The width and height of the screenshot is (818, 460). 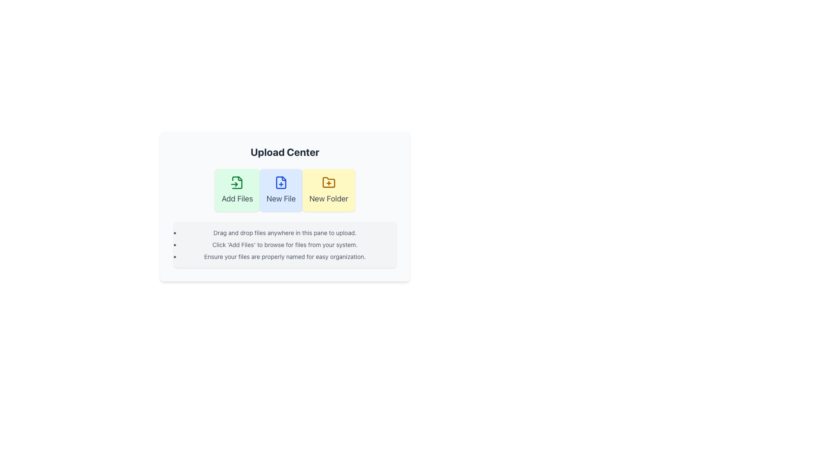 I want to click on the yellow folder icon with a plus sign inside, which is located at the center of the 'New Folder' button, aligned above the text 'New Folder', so click(x=328, y=182).